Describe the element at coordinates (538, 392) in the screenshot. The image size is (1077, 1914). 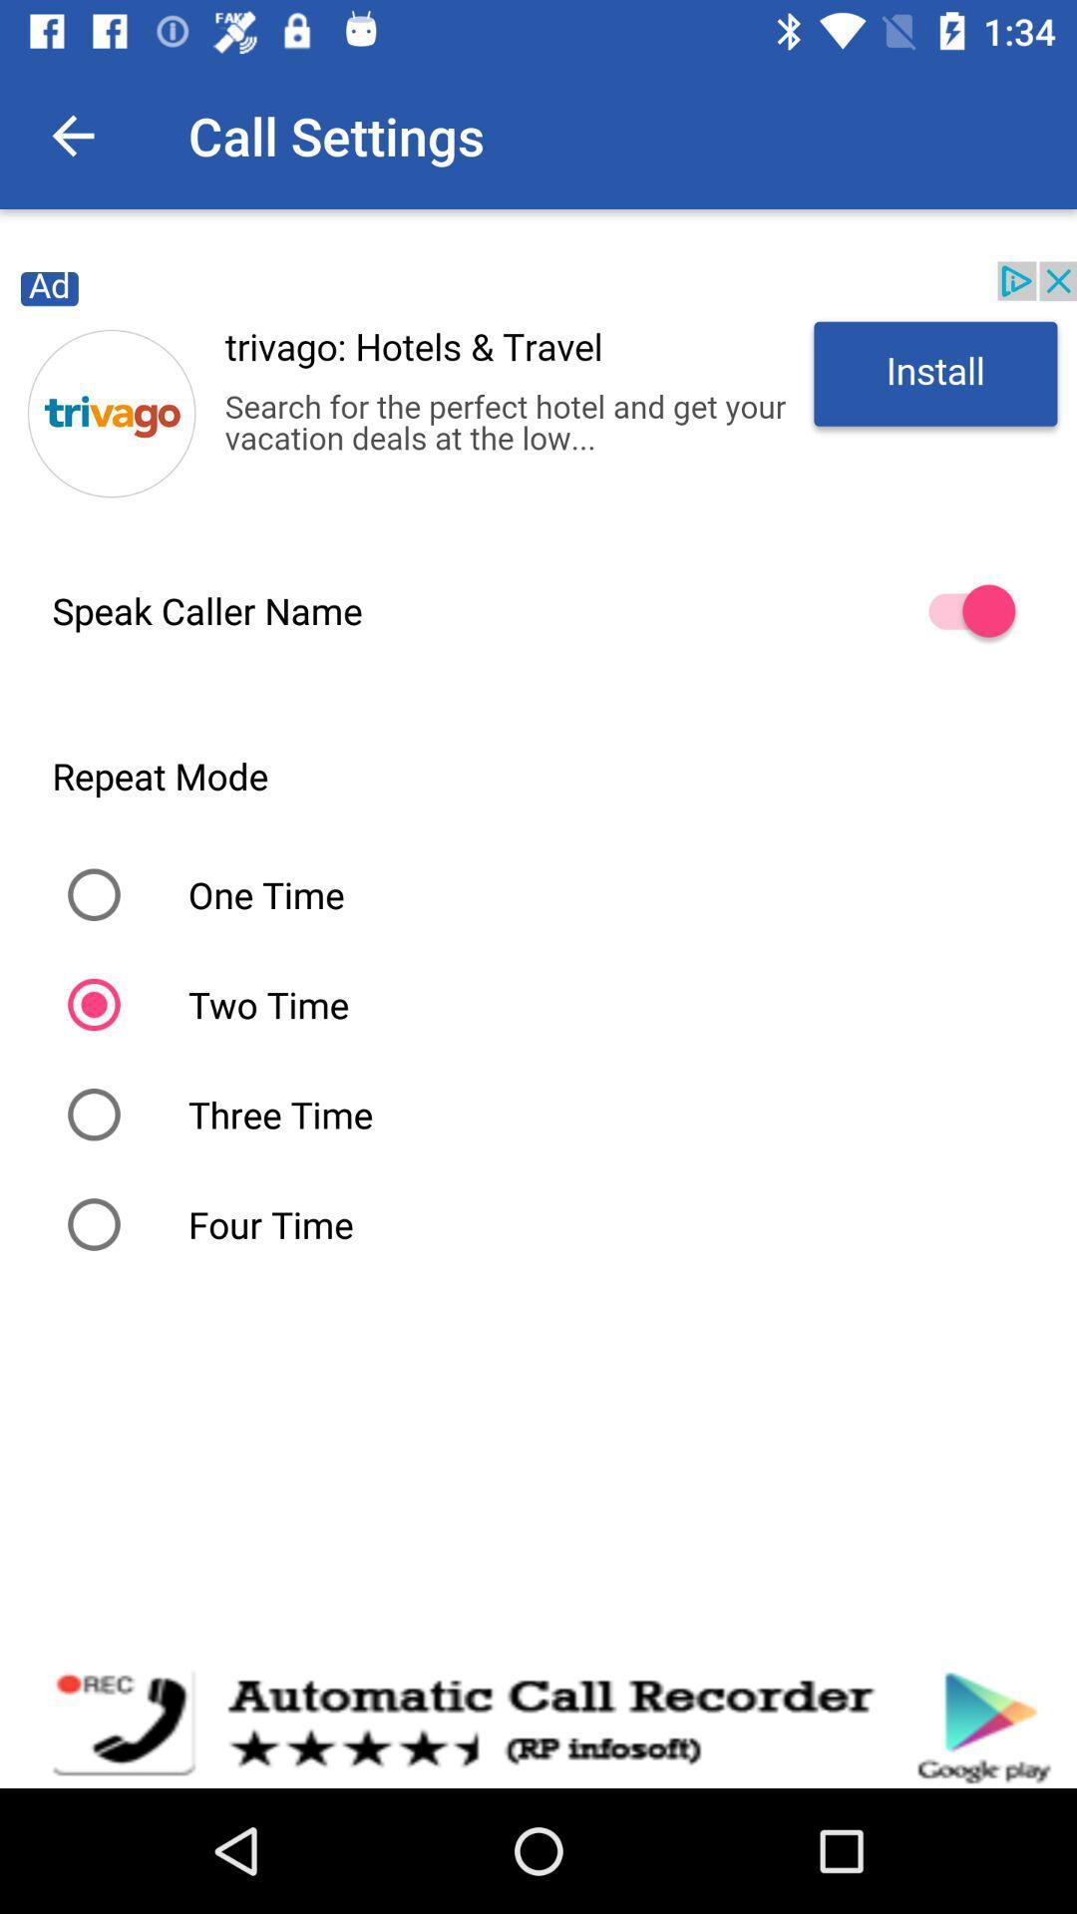
I see `the add` at that location.